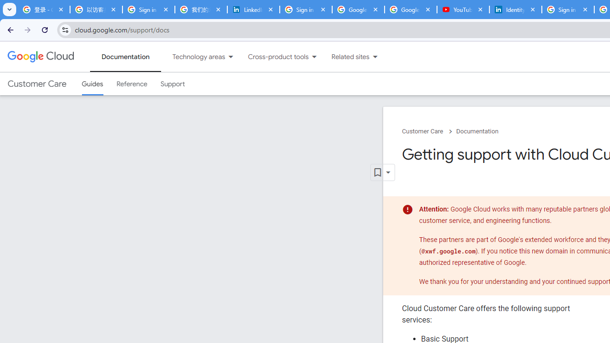  Describe the element at coordinates (314, 57) in the screenshot. I see `'Dropdown menu for Cross-product tools'` at that location.